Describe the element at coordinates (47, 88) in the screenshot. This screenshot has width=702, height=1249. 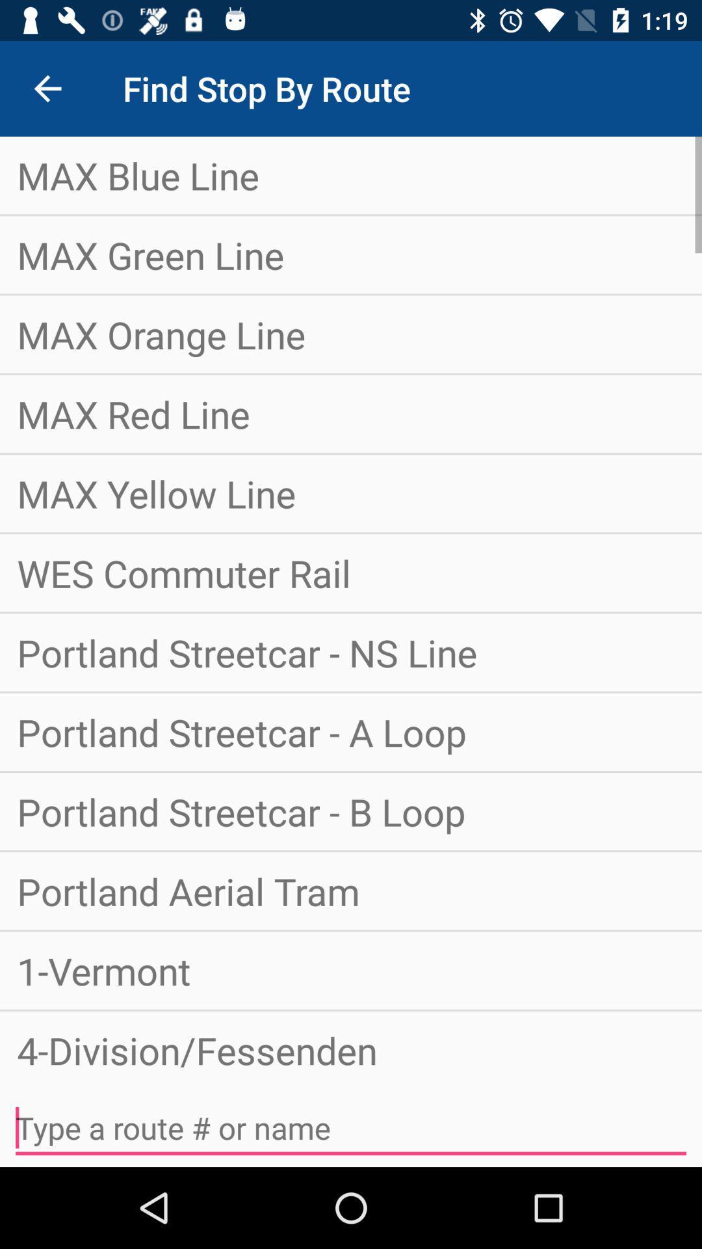
I see `the item at the top left corner` at that location.